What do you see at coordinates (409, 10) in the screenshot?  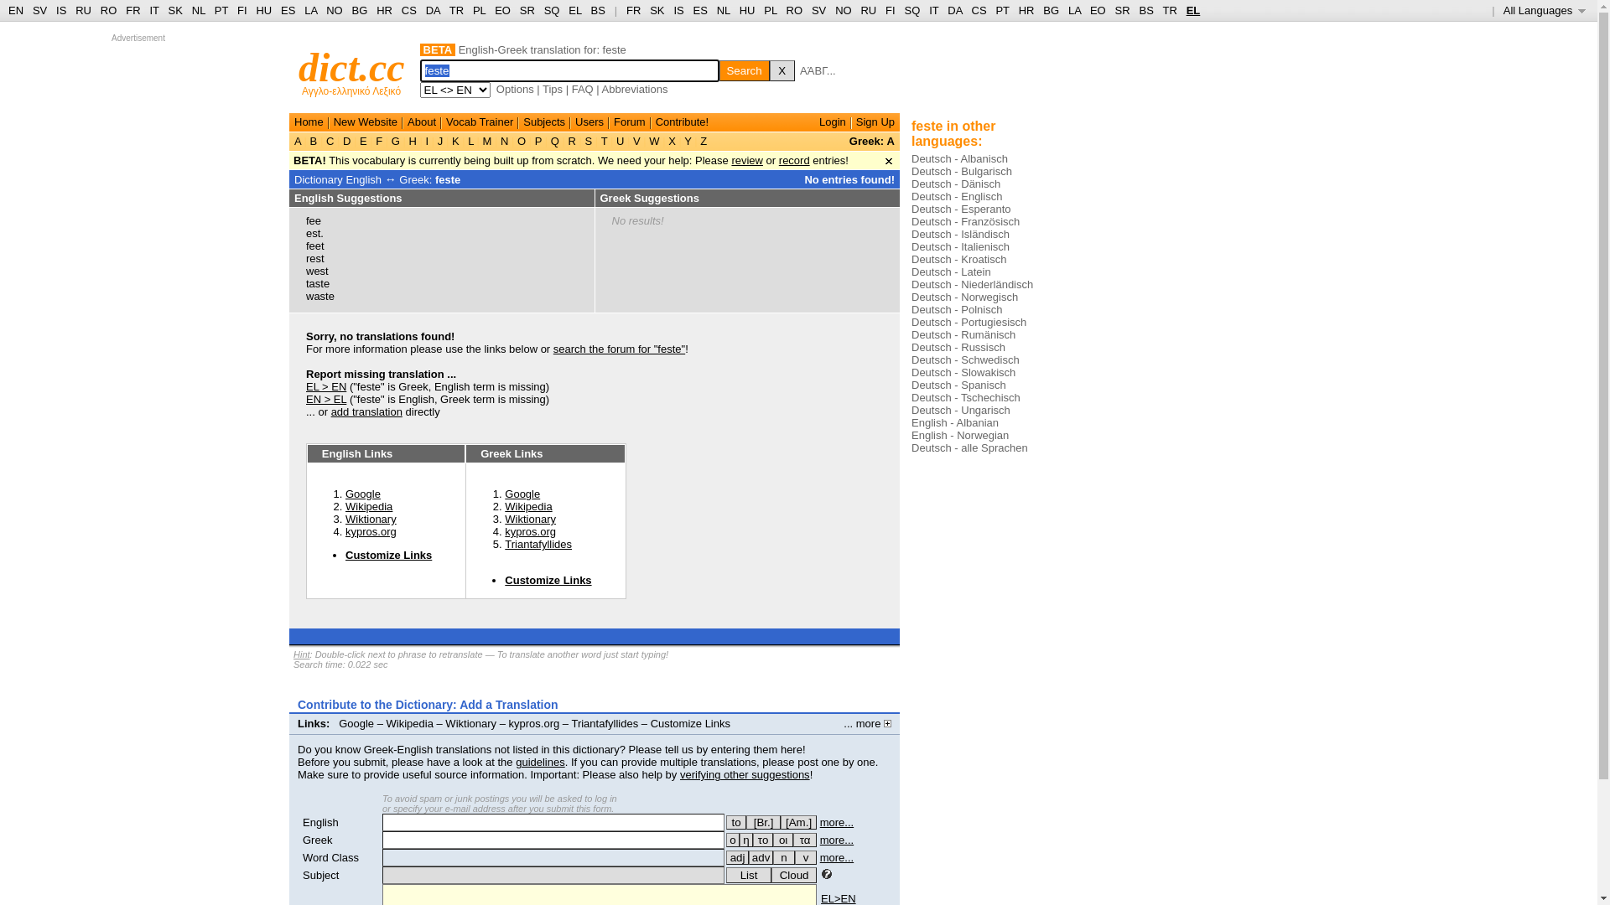 I see `'CS'` at bounding box center [409, 10].